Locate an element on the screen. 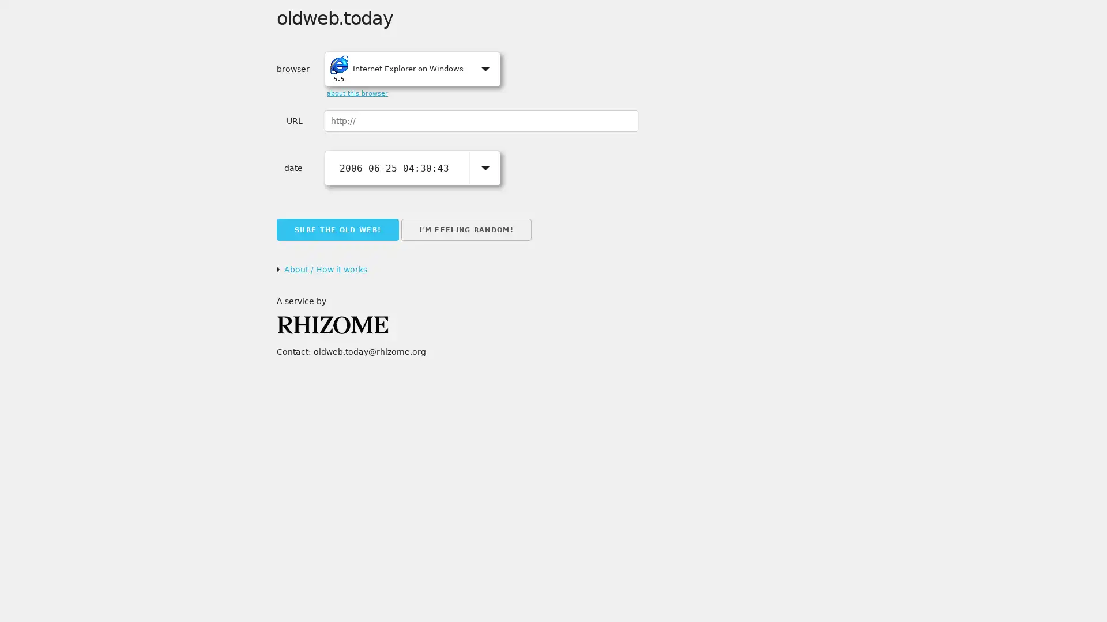 Image resolution: width=1107 pixels, height=622 pixels. SURF THE OLD WEB! is located at coordinates (337, 229).